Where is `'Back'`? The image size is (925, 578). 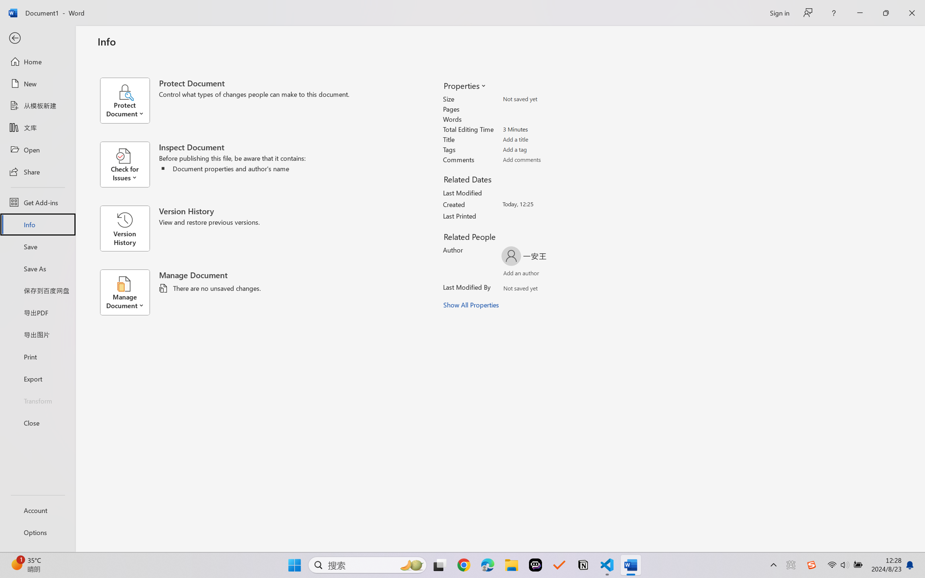
'Back' is located at coordinates (37, 38).